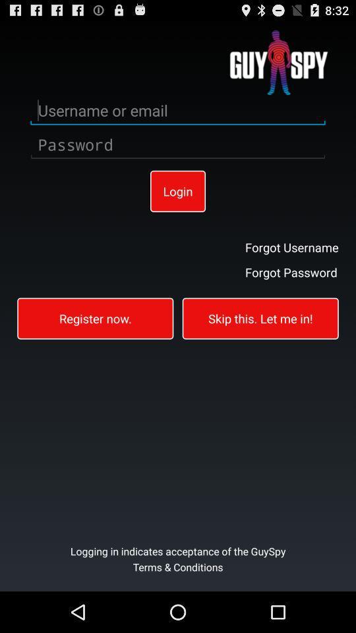 This screenshot has height=633, width=356. I want to click on register now., so click(94, 317).